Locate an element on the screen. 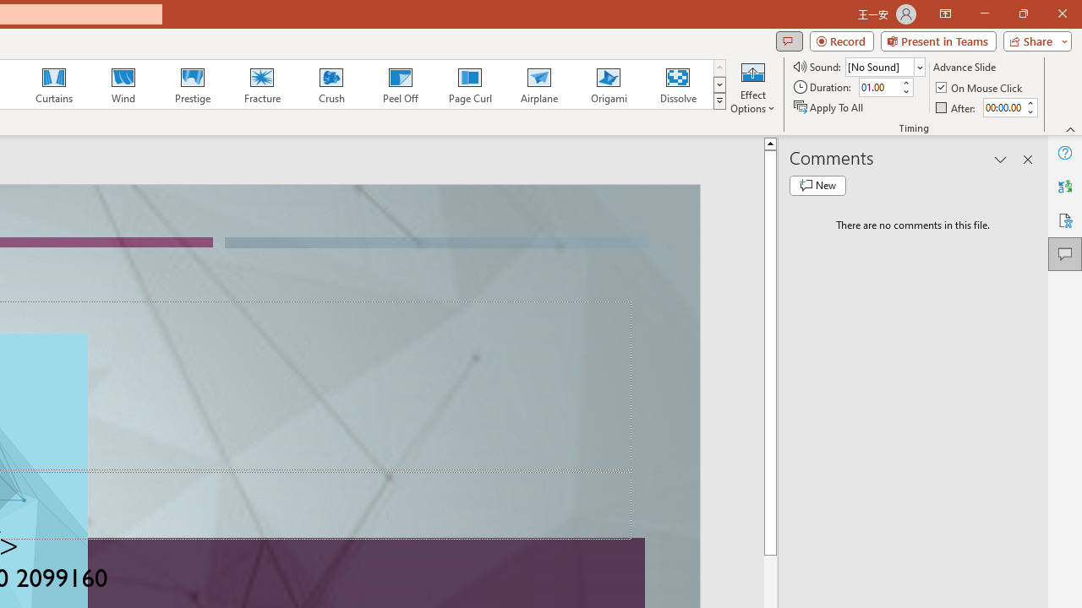  'Crush' is located at coordinates (331, 84).